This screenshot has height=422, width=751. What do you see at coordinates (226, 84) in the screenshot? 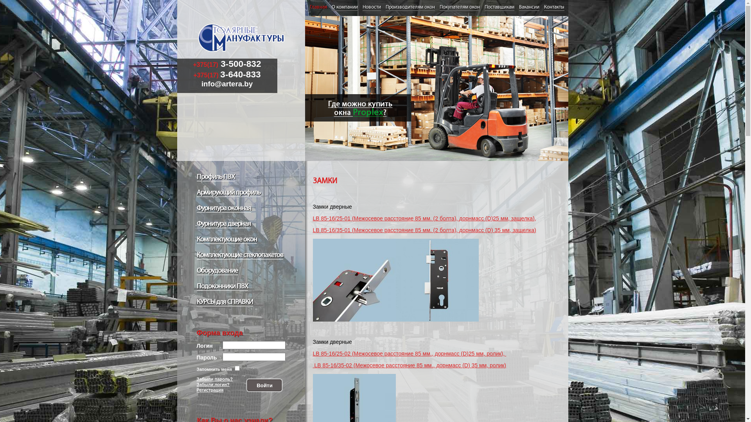
I see `'info@artera.by'` at bounding box center [226, 84].